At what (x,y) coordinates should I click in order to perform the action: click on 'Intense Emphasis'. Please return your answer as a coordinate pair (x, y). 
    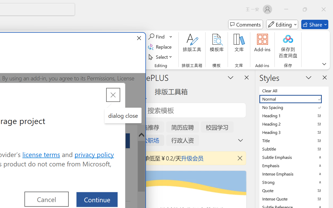
    Looking at the image, I should click on (294, 174).